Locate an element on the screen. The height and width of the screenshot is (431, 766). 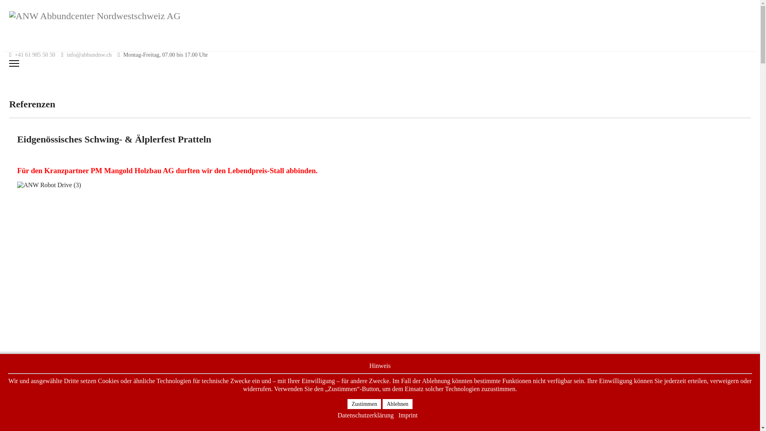
'Imprint' is located at coordinates (408, 415).